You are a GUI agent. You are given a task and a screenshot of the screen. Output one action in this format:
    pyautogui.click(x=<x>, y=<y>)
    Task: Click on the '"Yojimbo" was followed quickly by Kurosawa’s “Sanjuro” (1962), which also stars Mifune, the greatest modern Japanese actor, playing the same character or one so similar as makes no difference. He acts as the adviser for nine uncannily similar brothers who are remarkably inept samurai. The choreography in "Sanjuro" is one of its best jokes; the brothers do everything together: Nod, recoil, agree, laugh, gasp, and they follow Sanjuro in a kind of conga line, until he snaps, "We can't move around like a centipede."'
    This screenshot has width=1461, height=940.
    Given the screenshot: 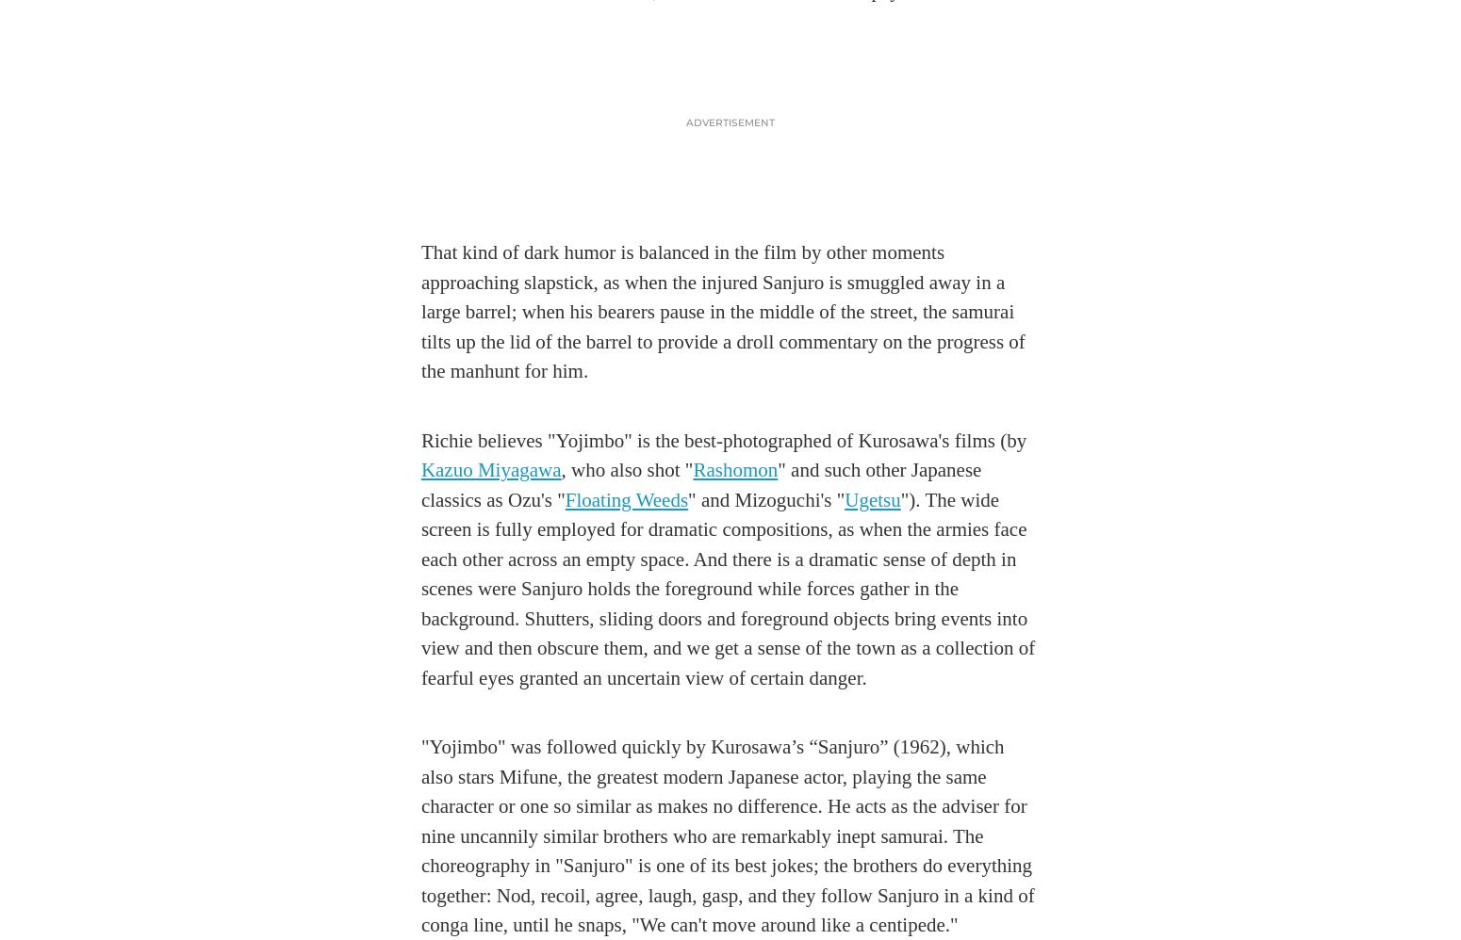 What is the action you would take?
    pyautogui.click(x=727, y=835)
    